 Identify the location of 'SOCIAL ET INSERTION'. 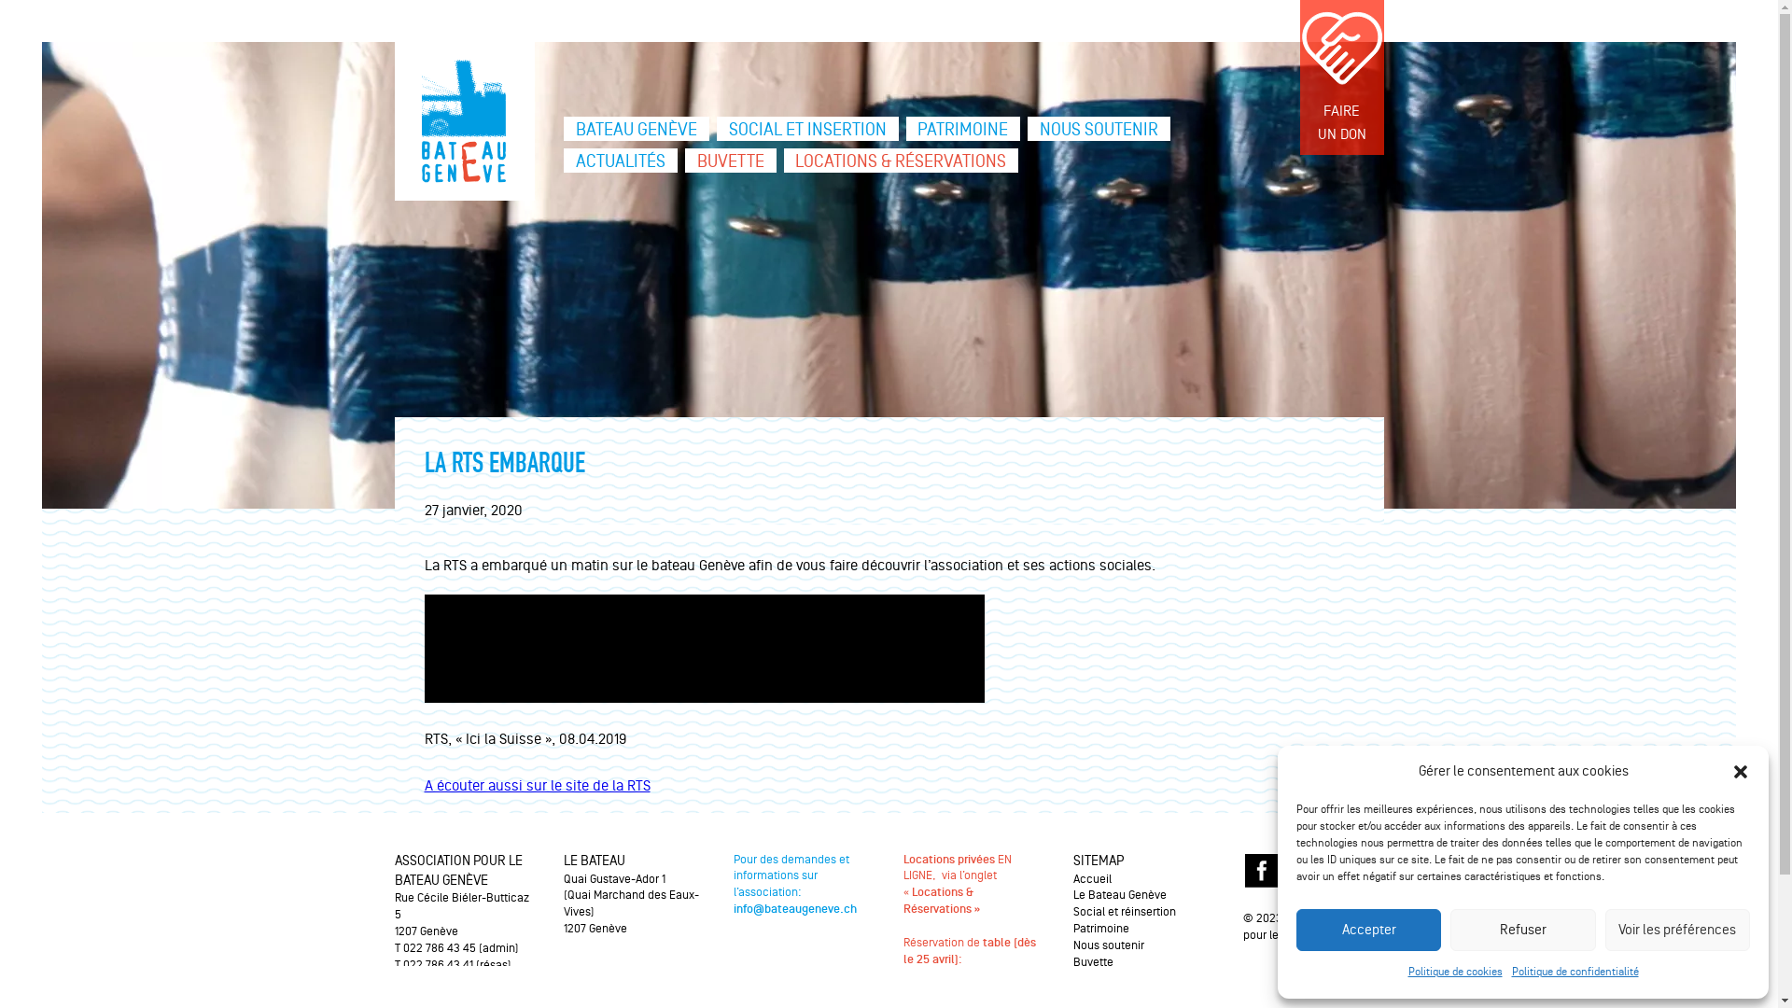
(807, 128).